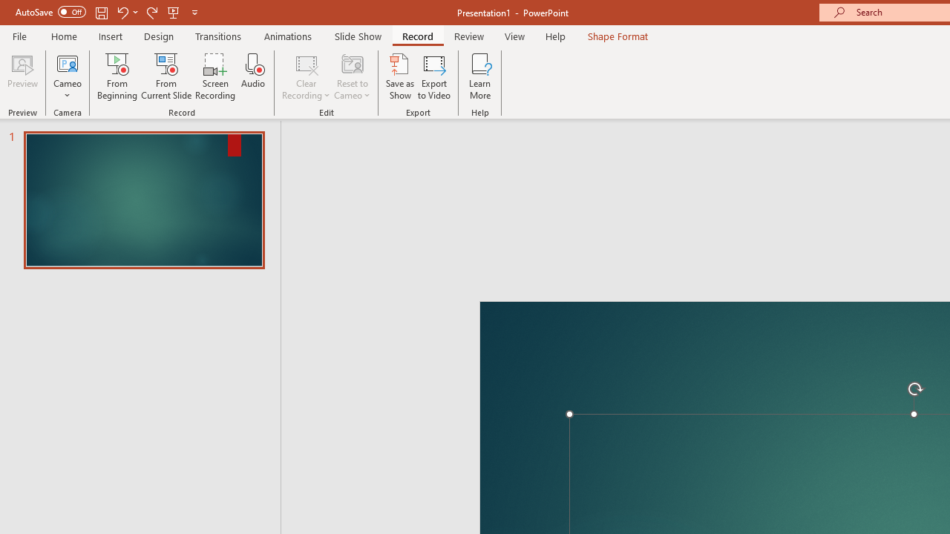 The width and height of the screenshot is (950, 534). What do you see at coordinates (400, 76) in the screenshot?
I see `'Save as Show'` at bounding box center [400, 76].